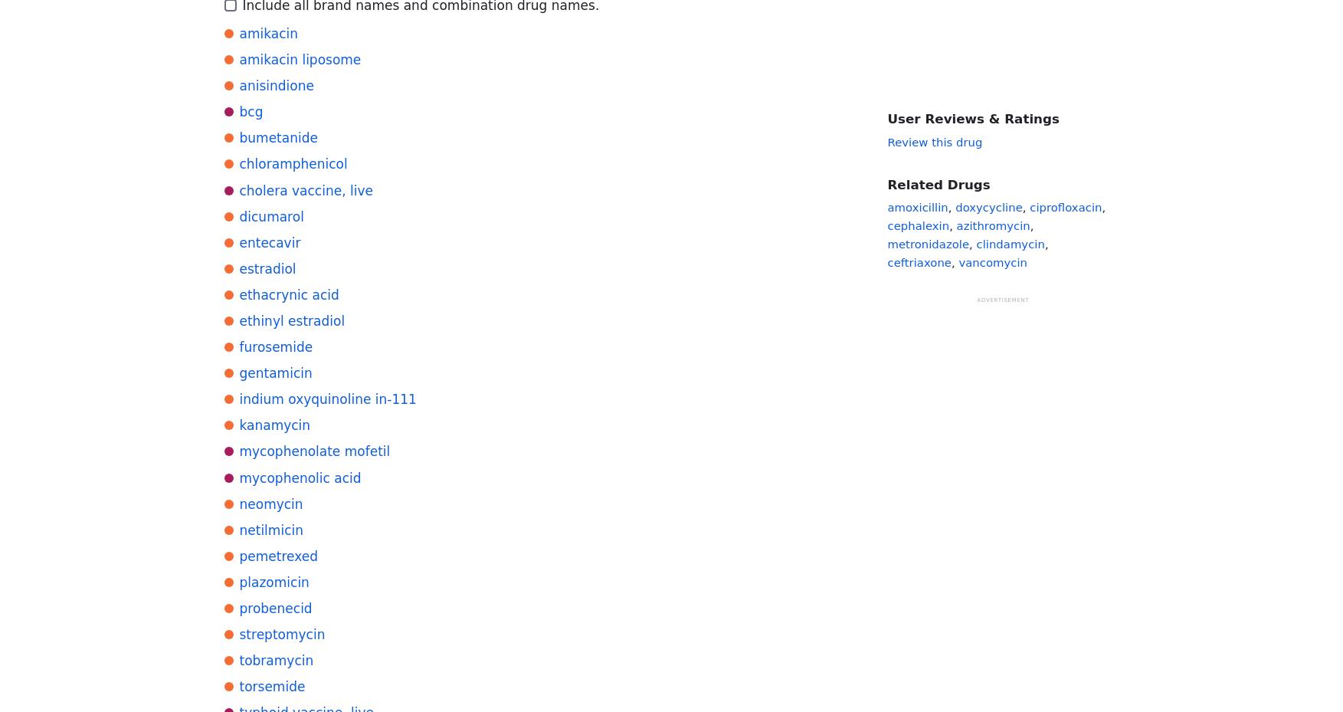  I want to click on 'neomycin', so click(270, 503).